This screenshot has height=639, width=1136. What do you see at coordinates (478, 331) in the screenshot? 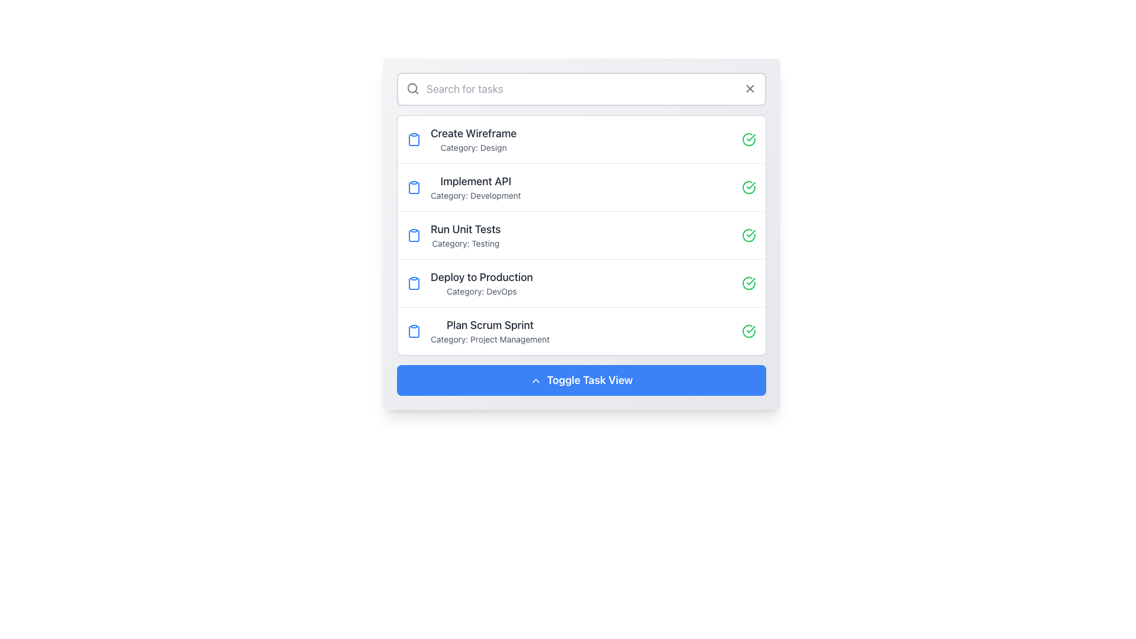
I see `the list item labeled 'Plan Scrum Sprint' with a clipboard icon` at bounding box center [478, 331].